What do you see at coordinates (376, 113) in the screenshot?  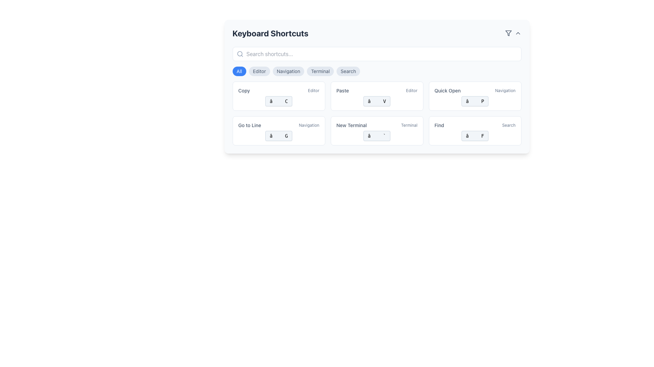 I see `the grid display containing multiple button-like components representing keyboard shortcuts, specifically targeting the second grid component in its respective row` at bounding box center [376, 113].